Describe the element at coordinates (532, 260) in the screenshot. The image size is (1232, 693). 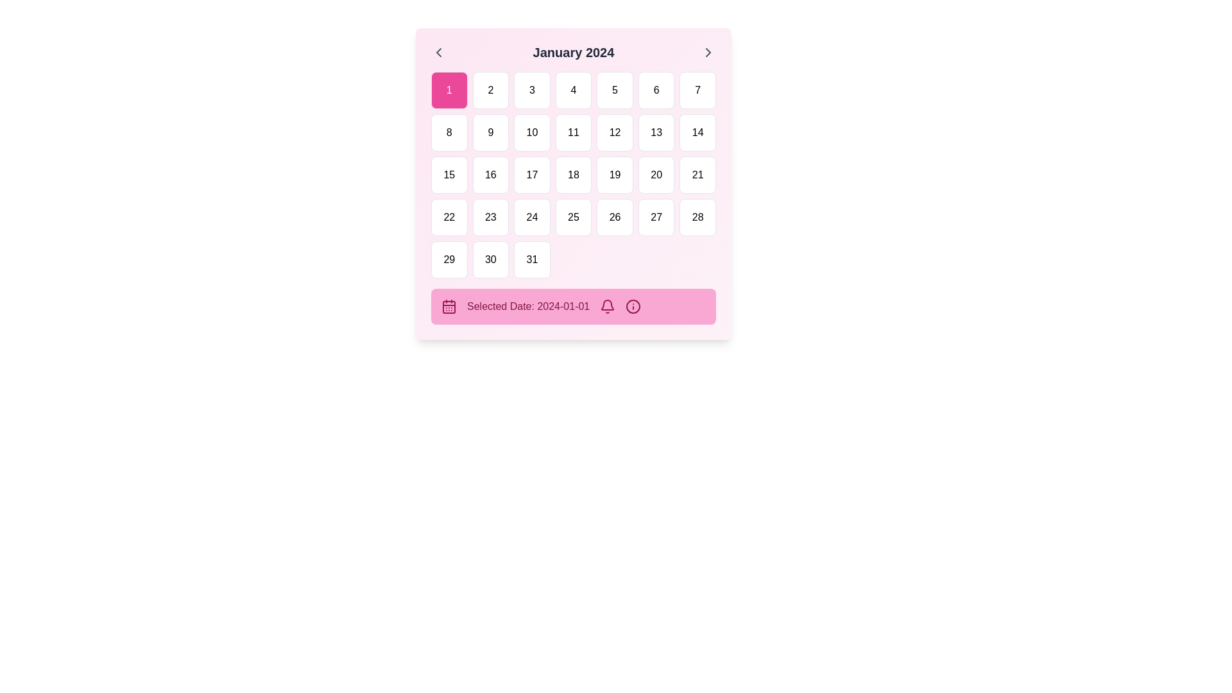
I see `the button labeled '31' which has a rounded rectangular shape and a white background` at that location.